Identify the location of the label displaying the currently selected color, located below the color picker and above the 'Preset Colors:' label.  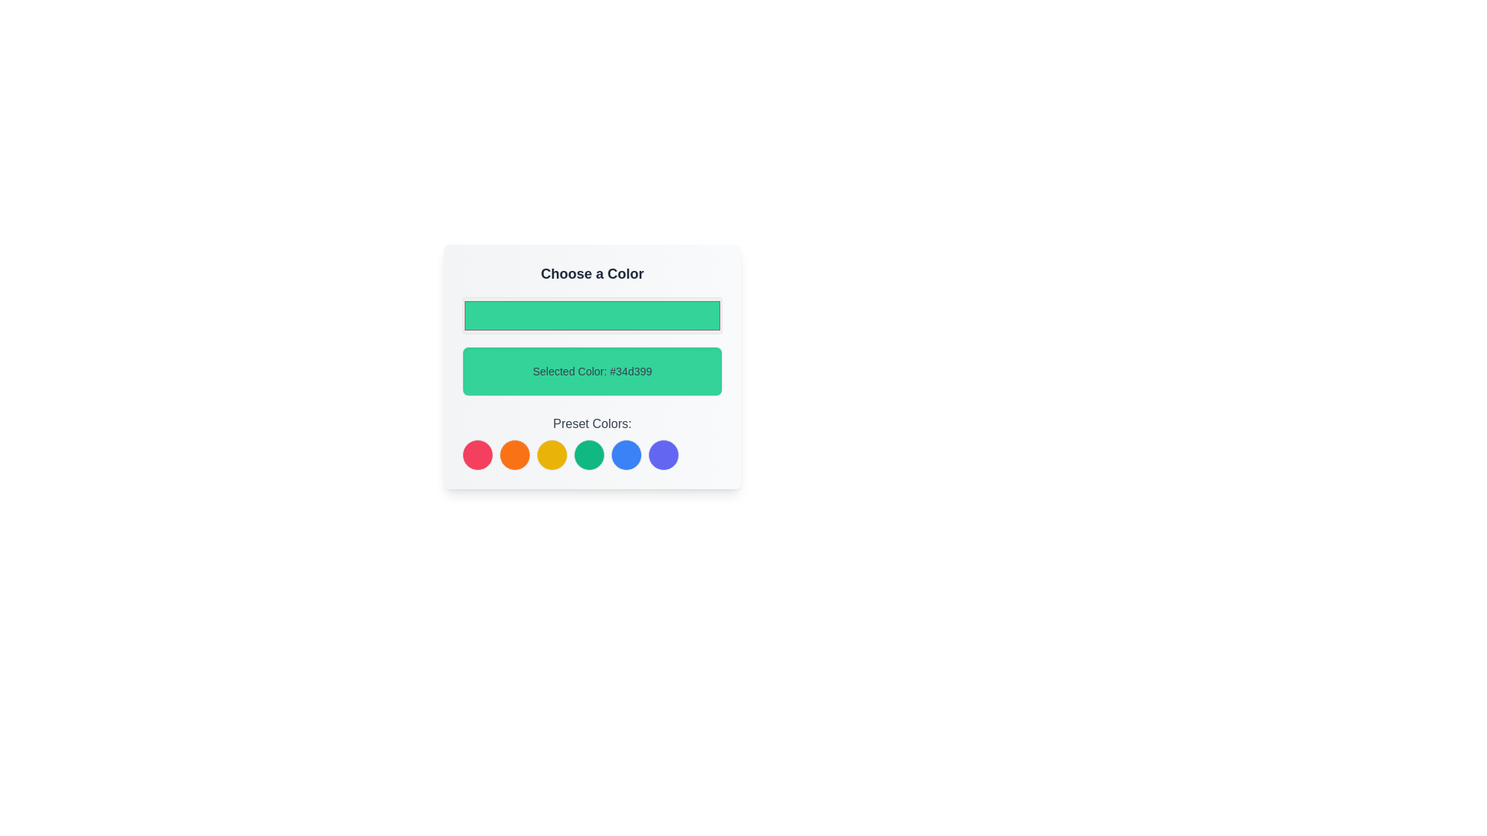
(591, 371).